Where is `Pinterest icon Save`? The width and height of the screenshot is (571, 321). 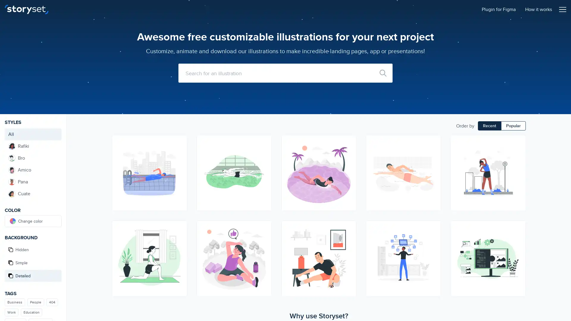 Pinterest icon Save is located at coordinates (434, 249).